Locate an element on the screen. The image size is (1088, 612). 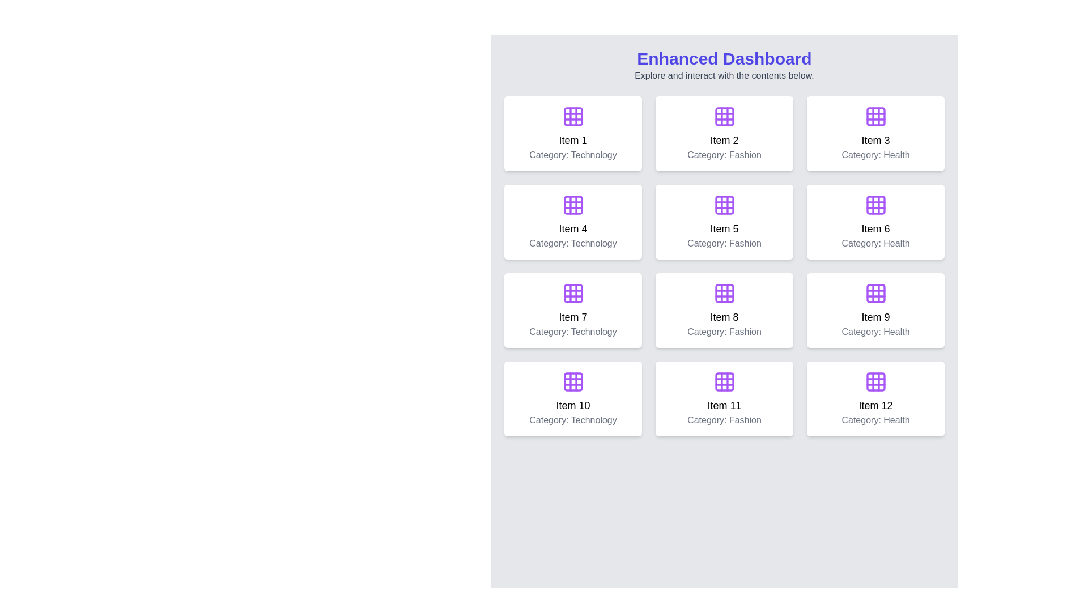
the icon representing the content or function associated with the 'Item 12' card located in the bottom-right of the grid layout is located at coordinates (875, 382).